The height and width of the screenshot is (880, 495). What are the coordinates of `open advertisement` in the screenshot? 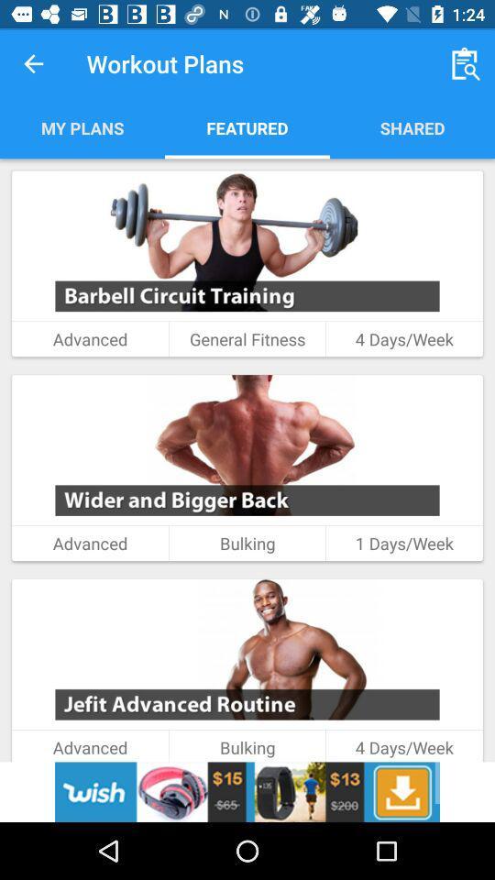 It's located at (247, 791).